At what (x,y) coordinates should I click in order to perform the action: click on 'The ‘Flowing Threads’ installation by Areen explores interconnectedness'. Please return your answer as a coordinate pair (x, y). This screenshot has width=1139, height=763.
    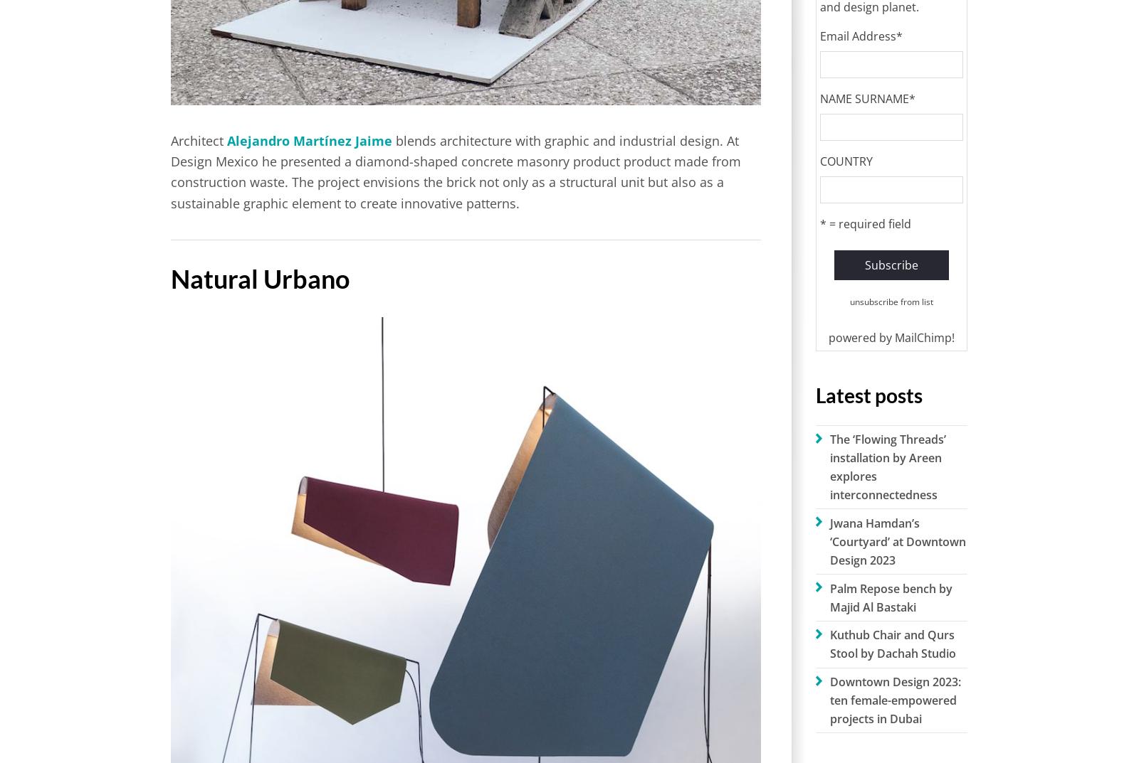
    Looking at the image, I should click on (829, 466).